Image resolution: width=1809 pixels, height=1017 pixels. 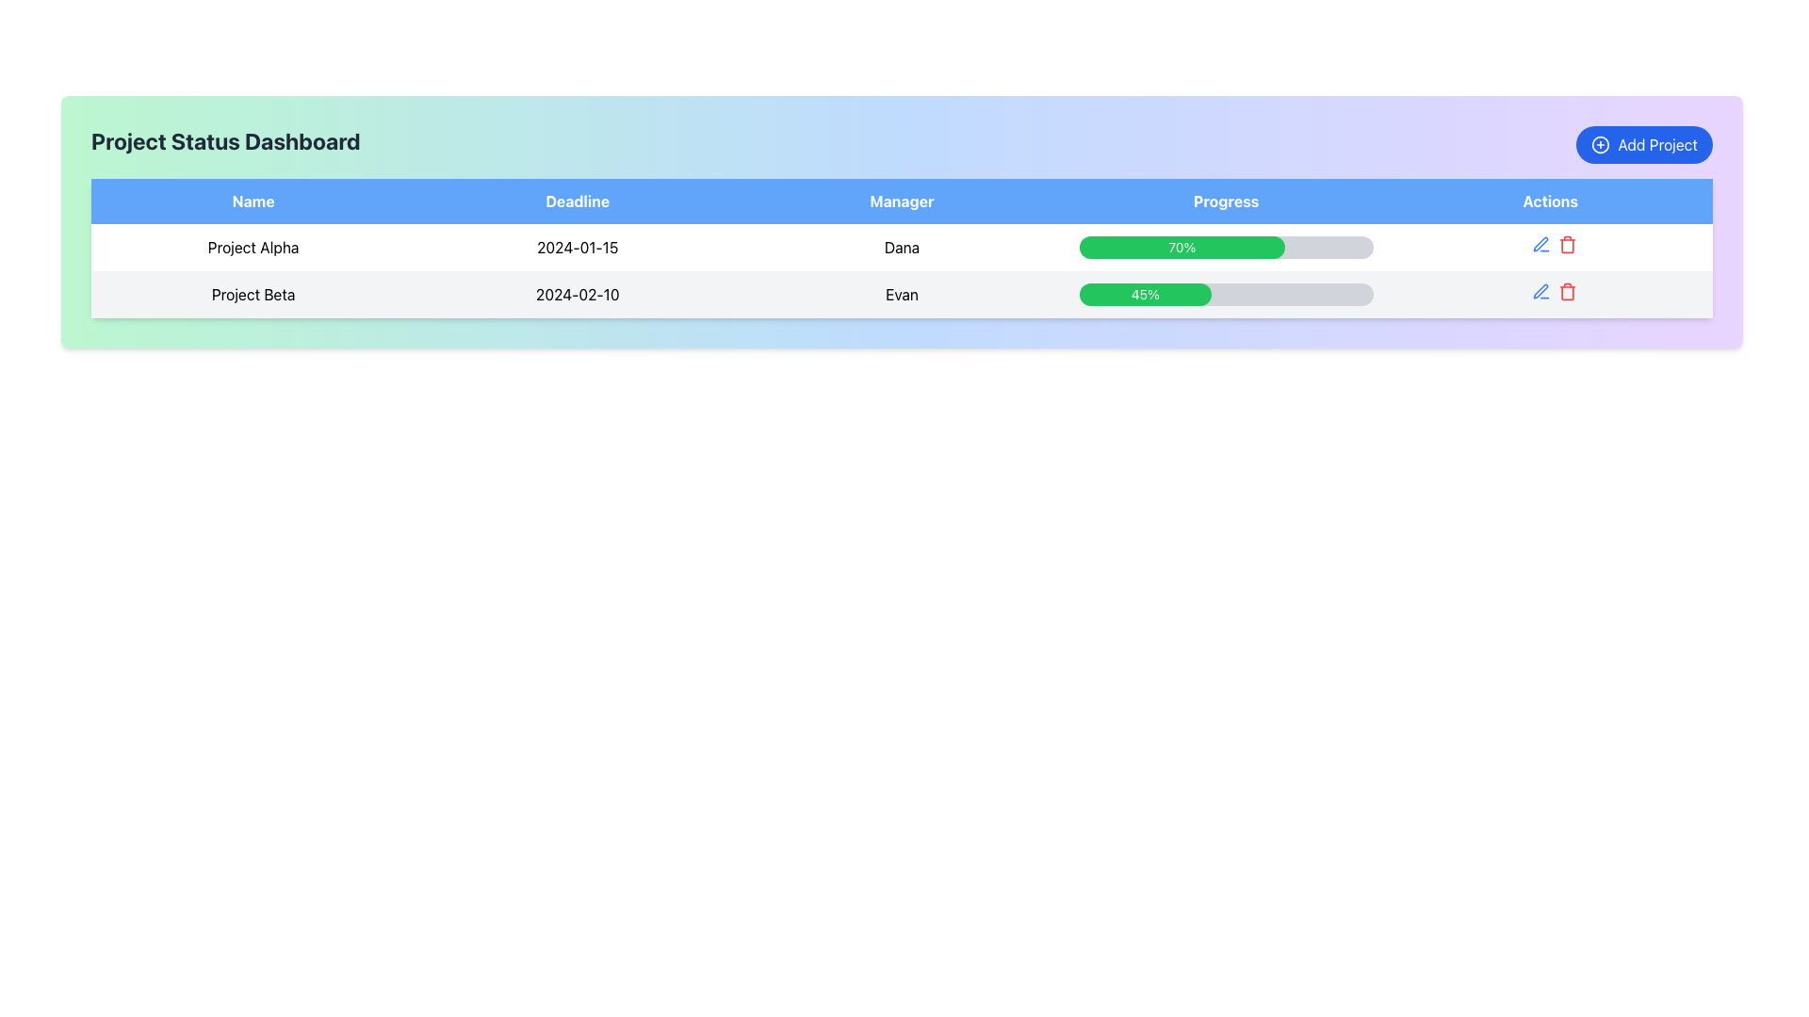 I want to click on the SVG circle that is part of the 'Add Project' button located in the top-right corner above the table, so click(x=1600, y=144).